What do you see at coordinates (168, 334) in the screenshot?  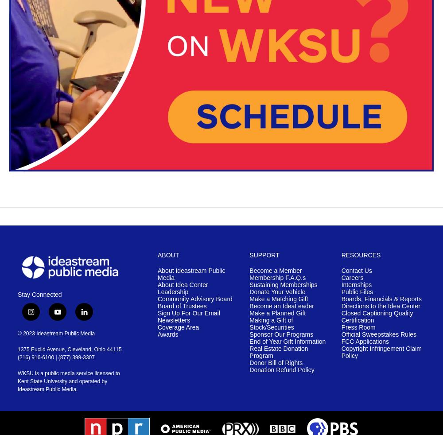 I see `'Awards'` at bounding box center [168, 334].